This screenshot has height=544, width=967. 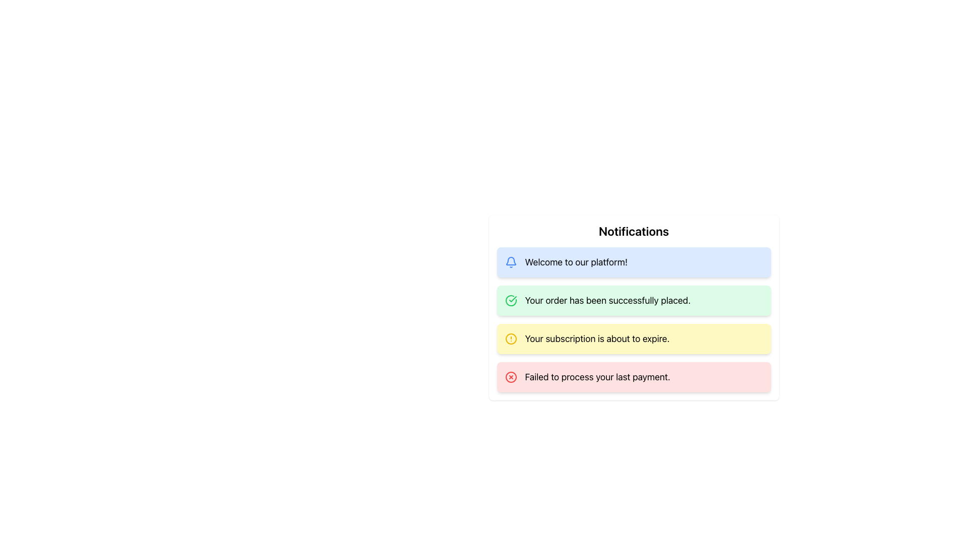 What do you see at coordinates (633, 320) in the screenshot?
I see `the second informational notification that conveys a successful order placement message, located under the 'Notifications' heading in the white box` at bounding box center [633, 320].